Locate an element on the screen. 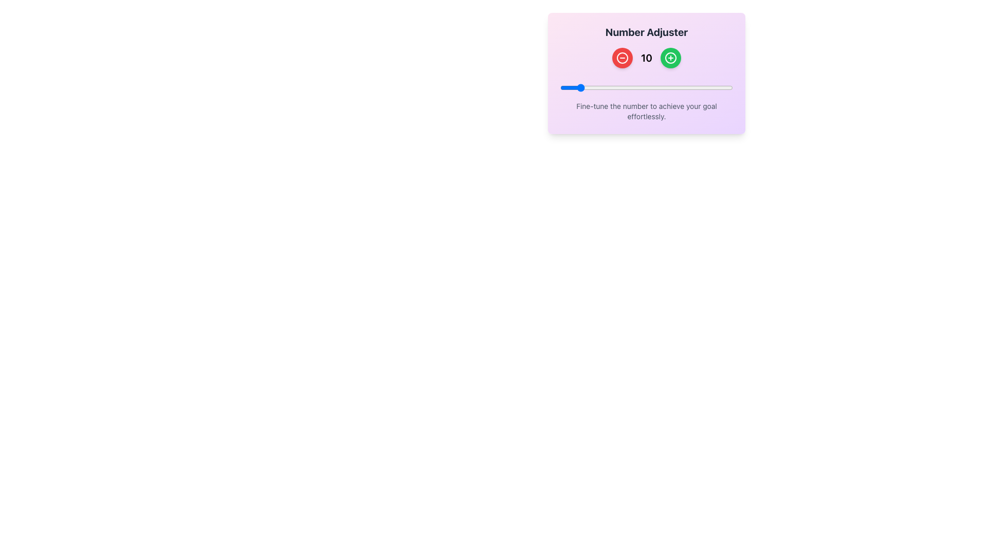 Image resolution: width=987 pixels, height=555 pixels. the circular dark green button with a white border and a green cross icon, located to the right of the numeric display '10' in the 'Number Adjuster' panel is located at coordinates (671, 58).